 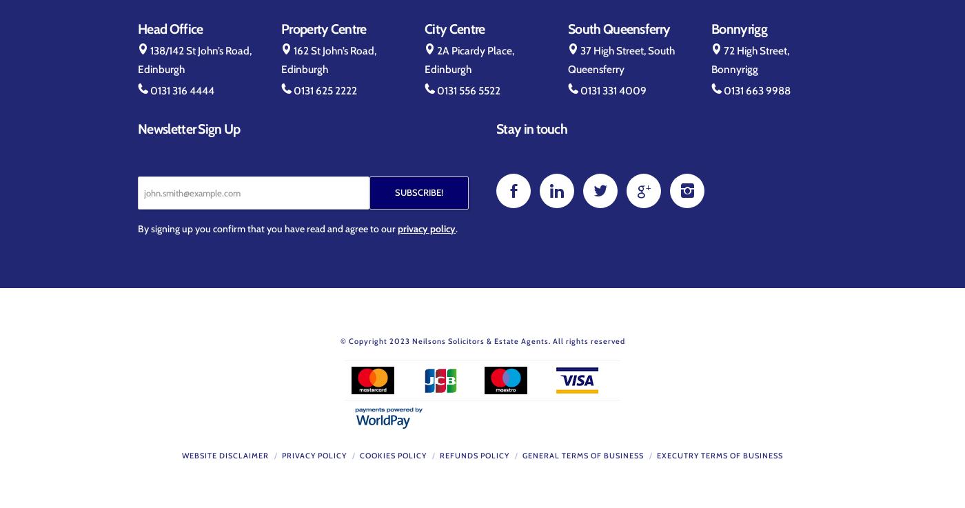 I want to click on 'Privacy Policy', so click(x=314, y=454).